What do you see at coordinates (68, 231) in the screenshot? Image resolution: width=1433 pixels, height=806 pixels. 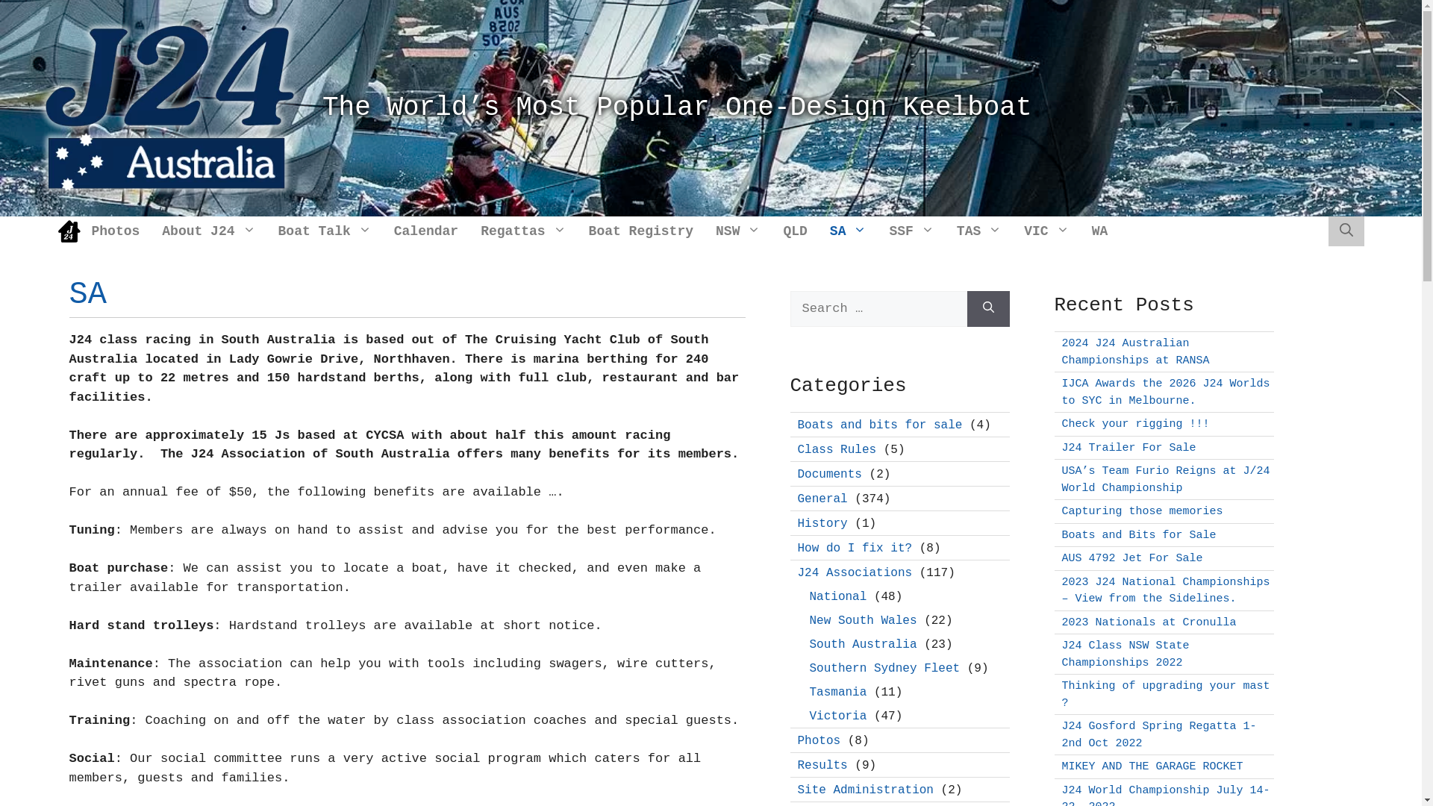 I see `'Home'` at bounding box center [68, 231].